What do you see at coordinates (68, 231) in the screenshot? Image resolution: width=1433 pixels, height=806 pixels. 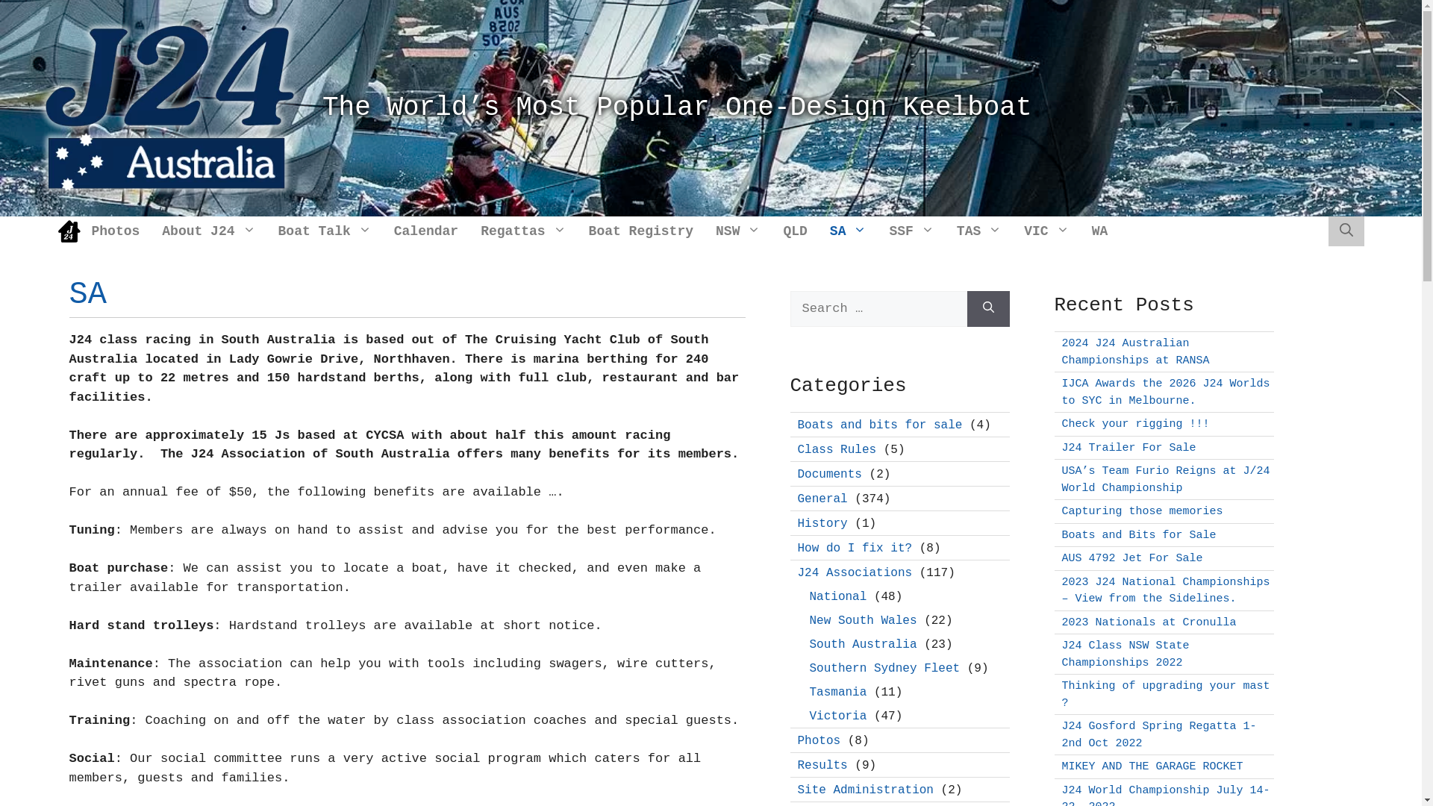 I see `'Home'` at bounding box center [68, 231].